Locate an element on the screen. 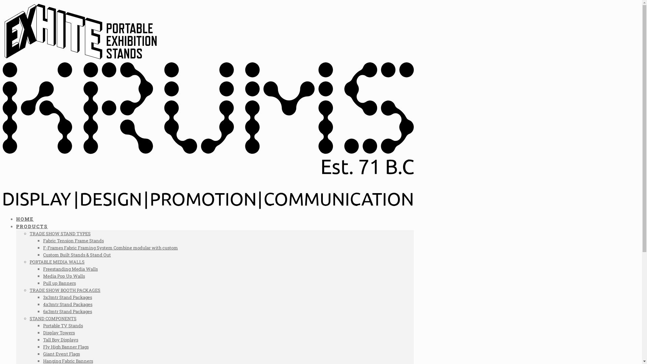 The width and height of the screenshot is (647, 364). 'PRODUCTS' is located at coordinates (16, 226).